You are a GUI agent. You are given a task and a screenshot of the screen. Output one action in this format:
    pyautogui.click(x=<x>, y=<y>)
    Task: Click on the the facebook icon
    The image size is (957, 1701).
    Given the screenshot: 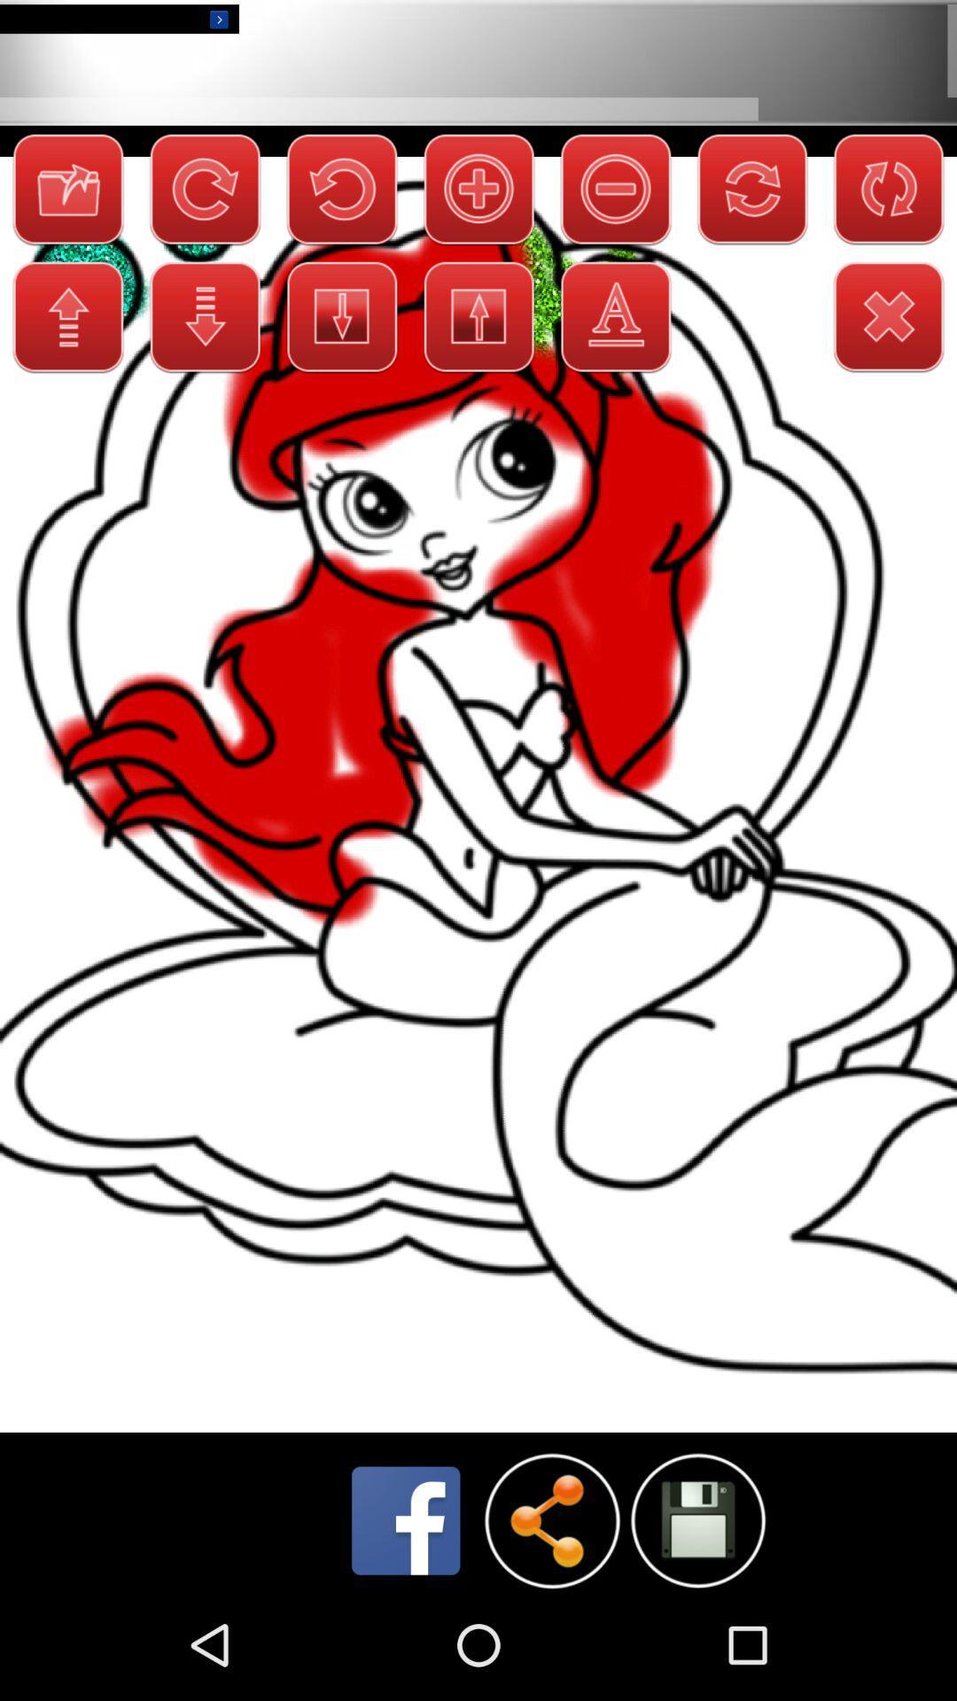 What is the action you would take?
    pyautogui.click(x=406, y=1627)
    